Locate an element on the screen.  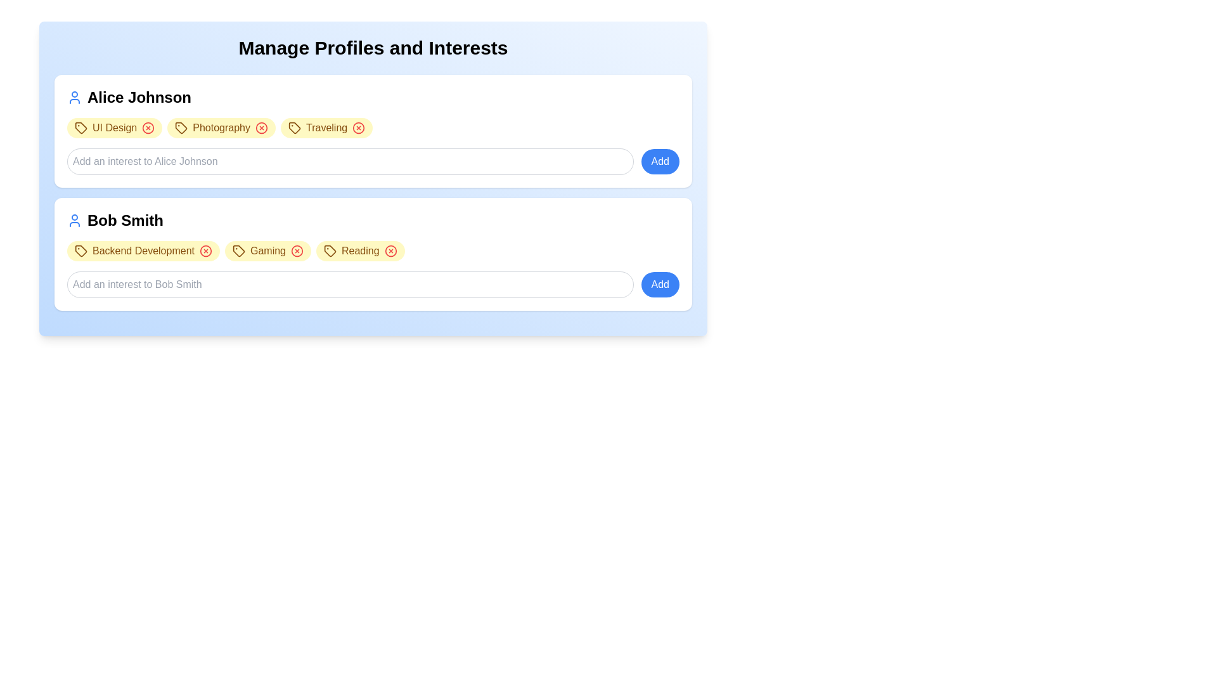
the small light brown tag icon located at the leftmost side of the 'UI Design' label within the yellow badge is located at coordinates (80, 127).